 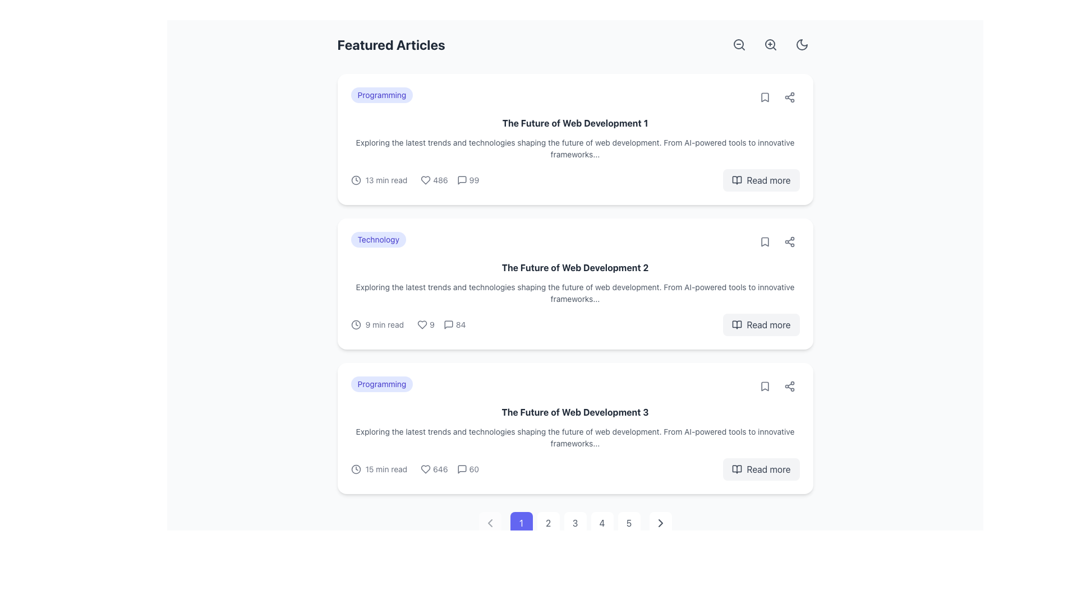 I want to click on the 'Programming' label tag with rounded corners and a light indigo background located at the top-left corner of the card for the article 'The Future of Web Development 3', so click(x=381, y=384).